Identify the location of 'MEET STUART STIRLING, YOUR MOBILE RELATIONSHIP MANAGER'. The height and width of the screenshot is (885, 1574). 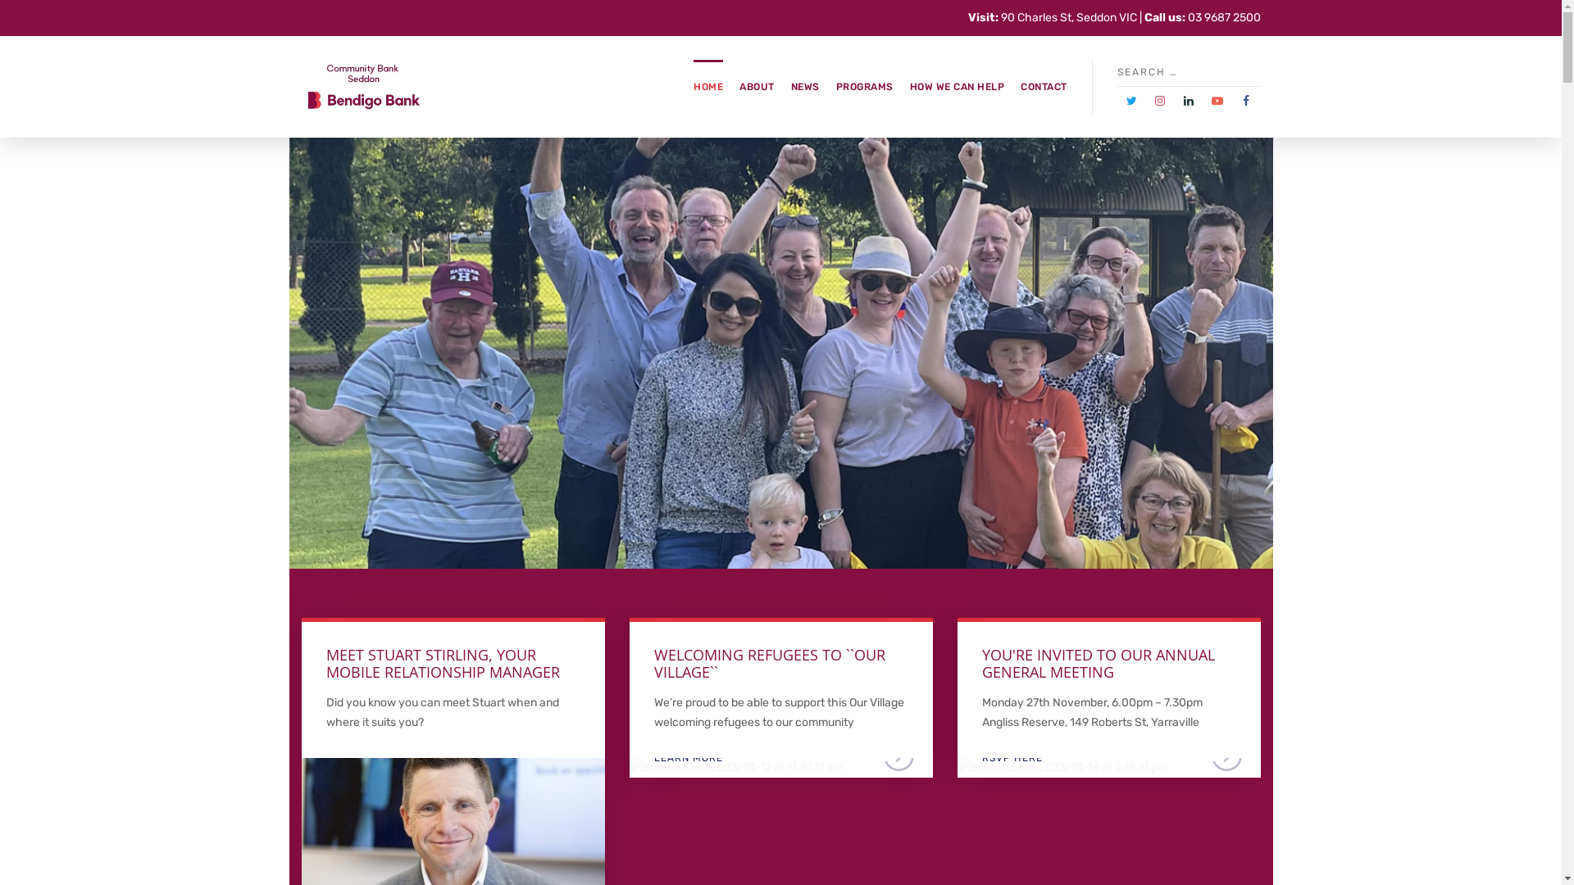
(326, 662).